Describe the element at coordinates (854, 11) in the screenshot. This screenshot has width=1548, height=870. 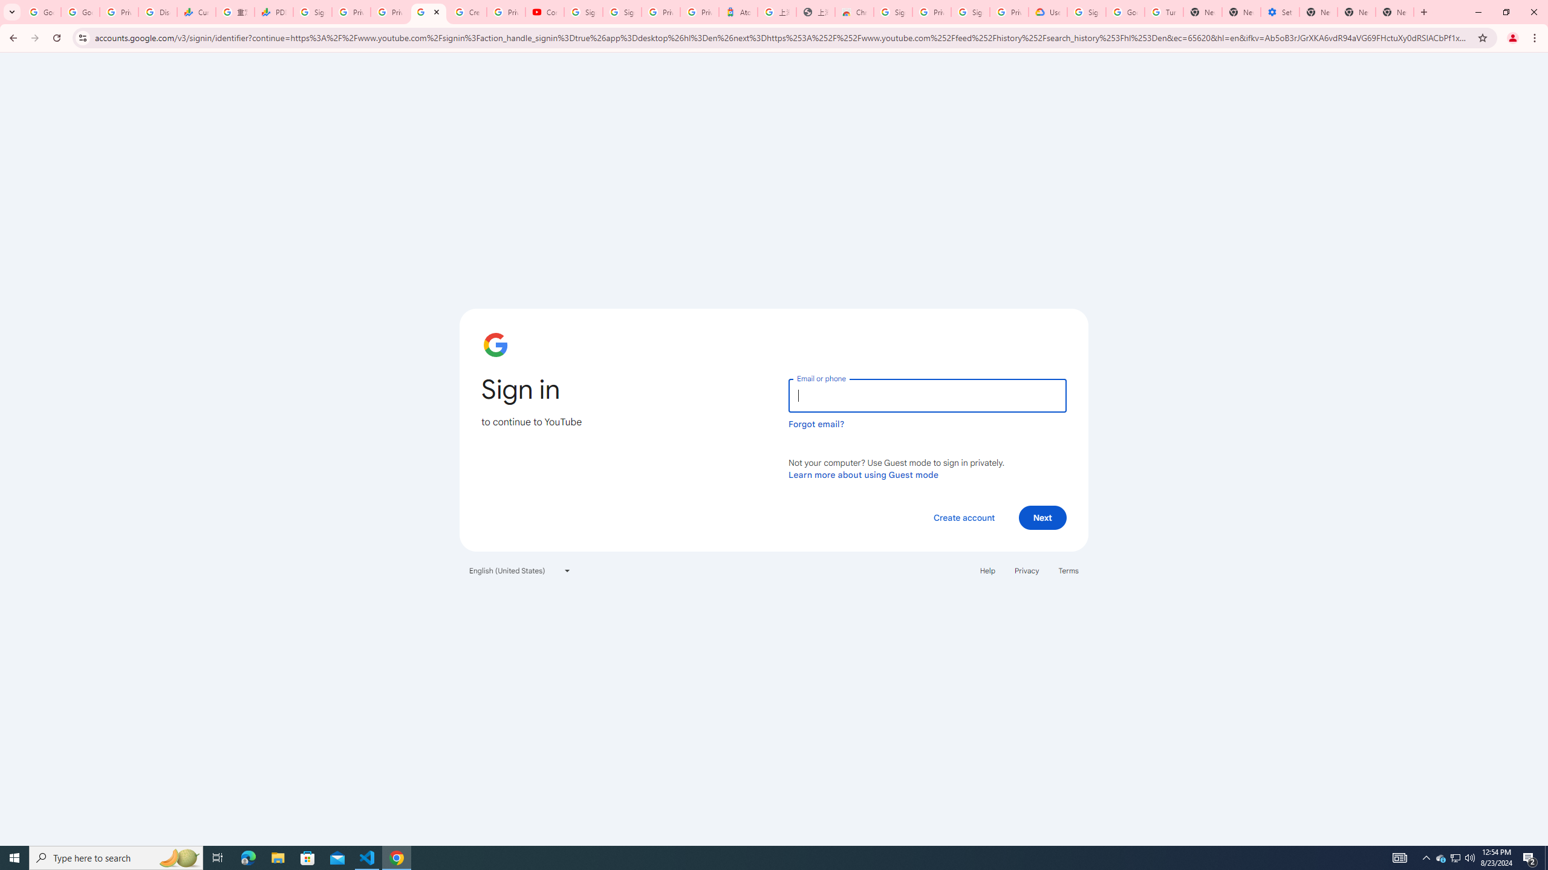
I see `'Chrome Web Store - Color themes by Chrome'` at that location.